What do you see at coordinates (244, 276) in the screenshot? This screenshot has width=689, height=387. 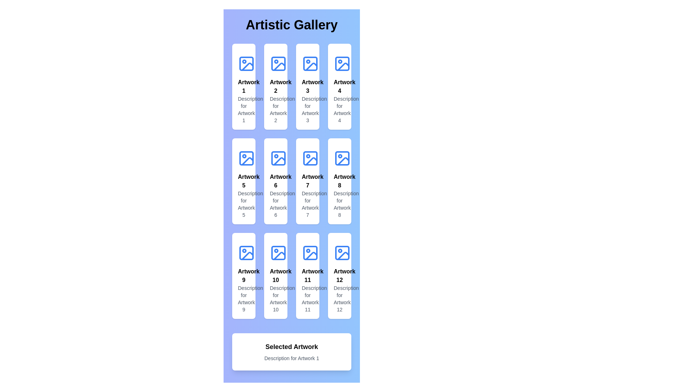 I see `the card containing the image and text labeled 'Artwork 9', which is a rectangular card with rounded corners, a white background, and a shadow effect located in the 'Artistic Gallery' grid layout` at bounding box center [244, 276].